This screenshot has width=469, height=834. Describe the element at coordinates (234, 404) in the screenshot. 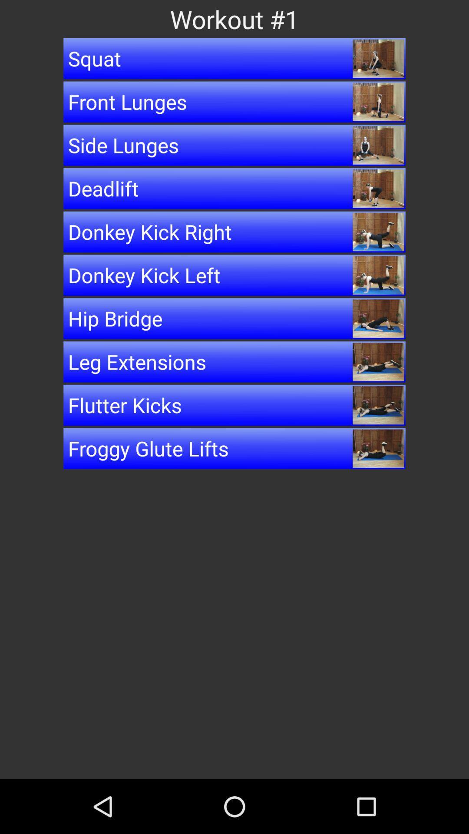

I see `the button below leg extensions item` at that location.